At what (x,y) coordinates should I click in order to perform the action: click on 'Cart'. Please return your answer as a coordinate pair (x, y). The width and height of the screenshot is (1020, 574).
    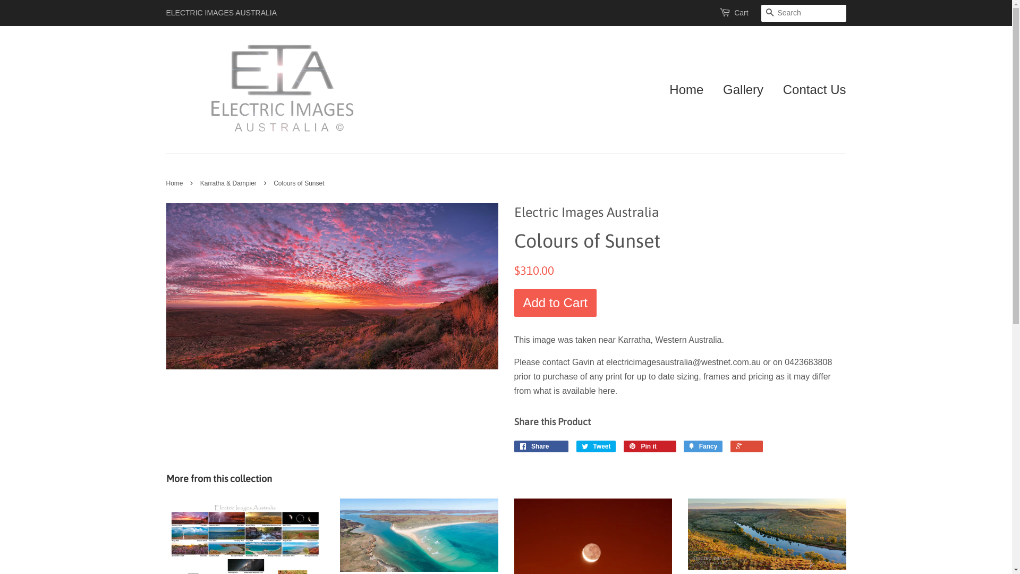
    Looking at the image, I should click on (741, 13).